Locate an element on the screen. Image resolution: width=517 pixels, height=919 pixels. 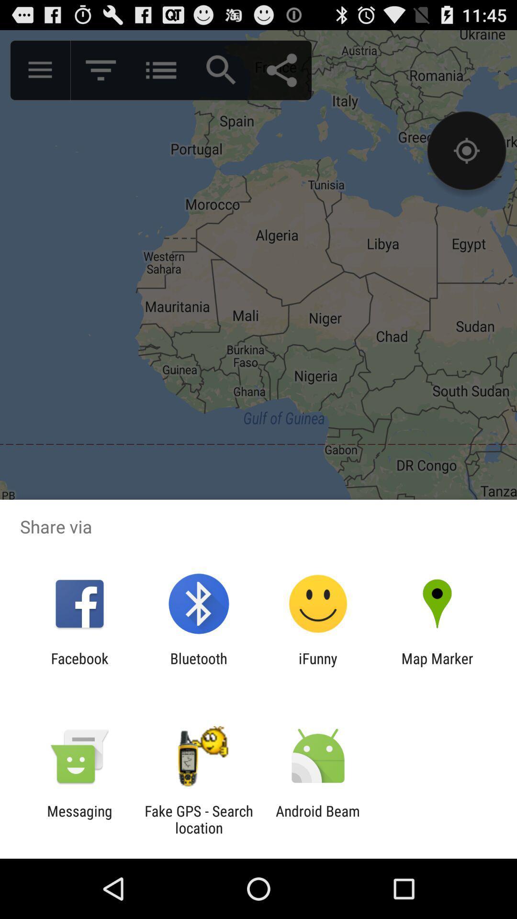
the item to the left of the map marker item is located at coordinates (318, 666).